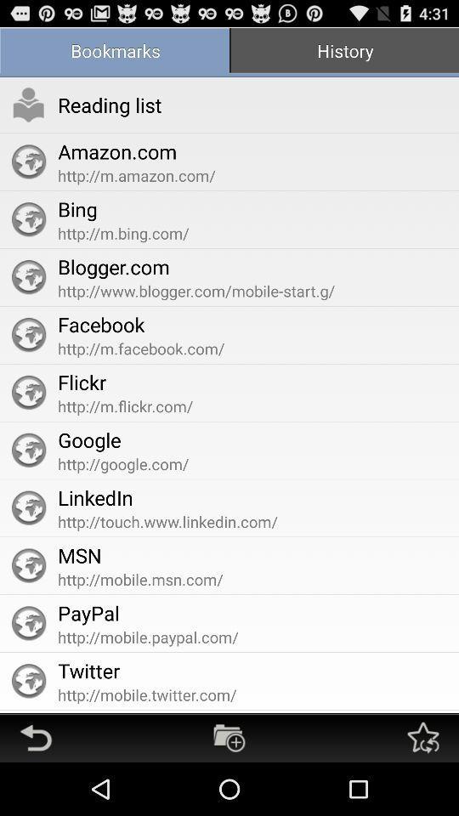 The height and width of the screenshot is (816, 459). What do you see at coordinates (36, 790) in the screenshot?
I see `the undo icon` at bounding box center [36, 790].